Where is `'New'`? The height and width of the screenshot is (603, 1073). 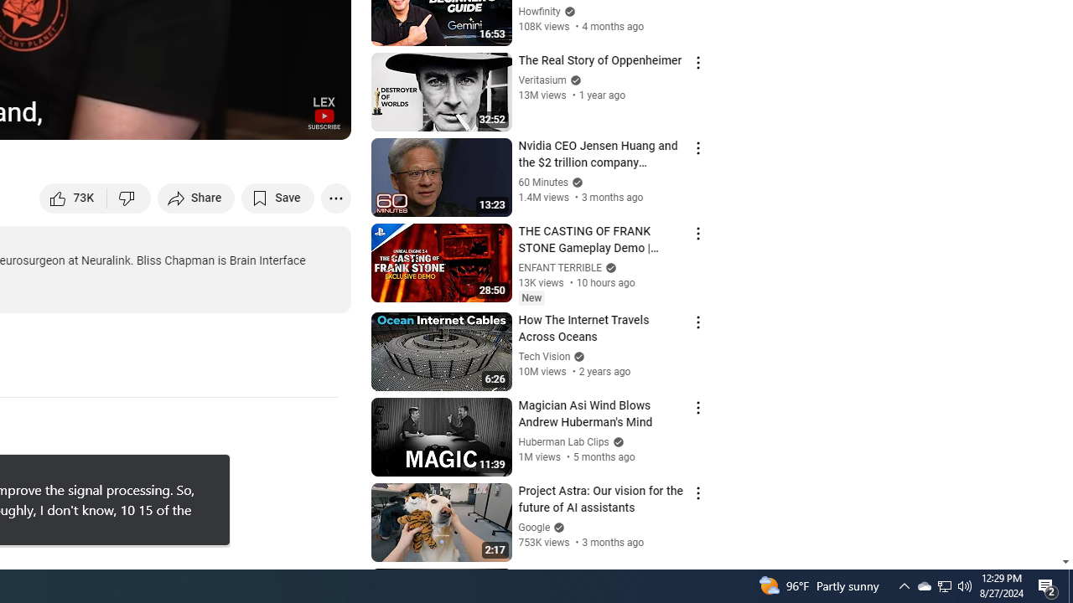 'New' is located at coordinates (531, 297).